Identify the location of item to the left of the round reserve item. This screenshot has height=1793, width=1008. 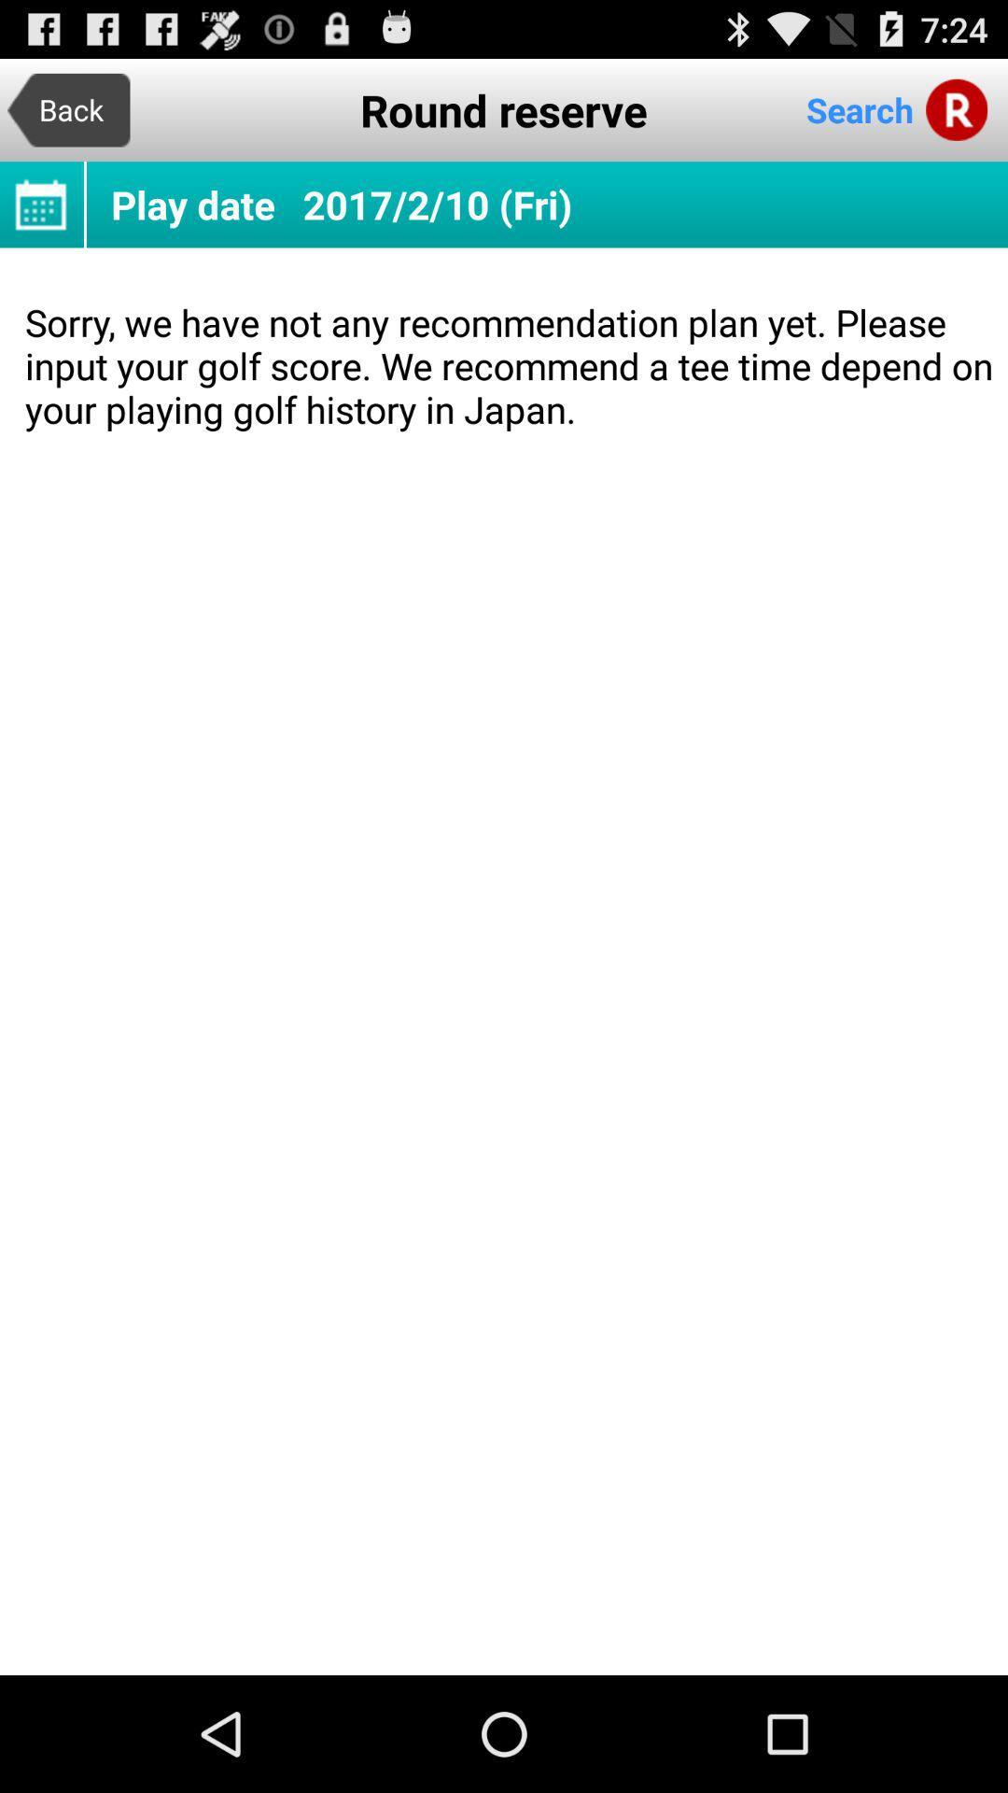
(67, 109).